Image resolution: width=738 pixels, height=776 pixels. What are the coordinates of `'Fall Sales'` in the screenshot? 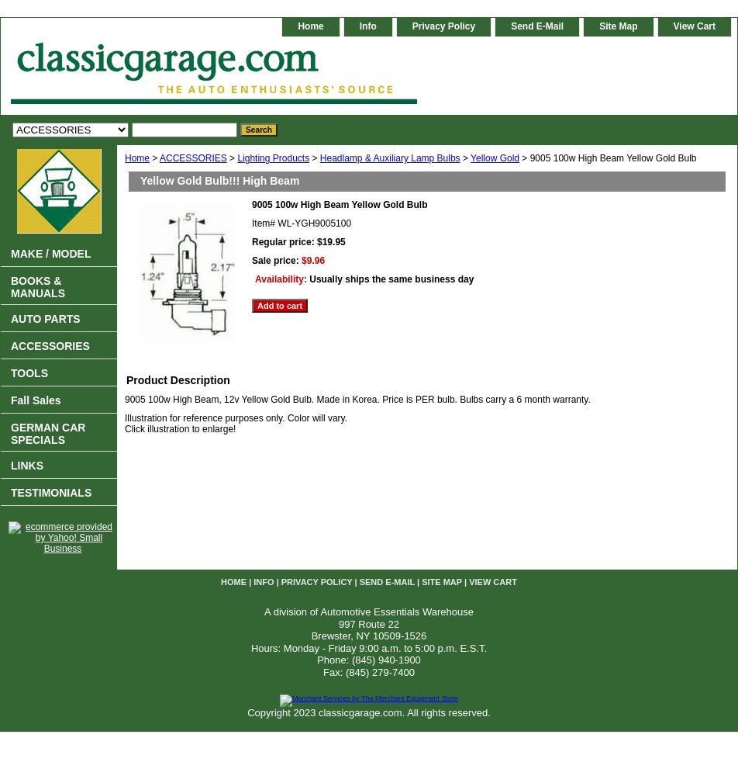 It's located at (35, 400).